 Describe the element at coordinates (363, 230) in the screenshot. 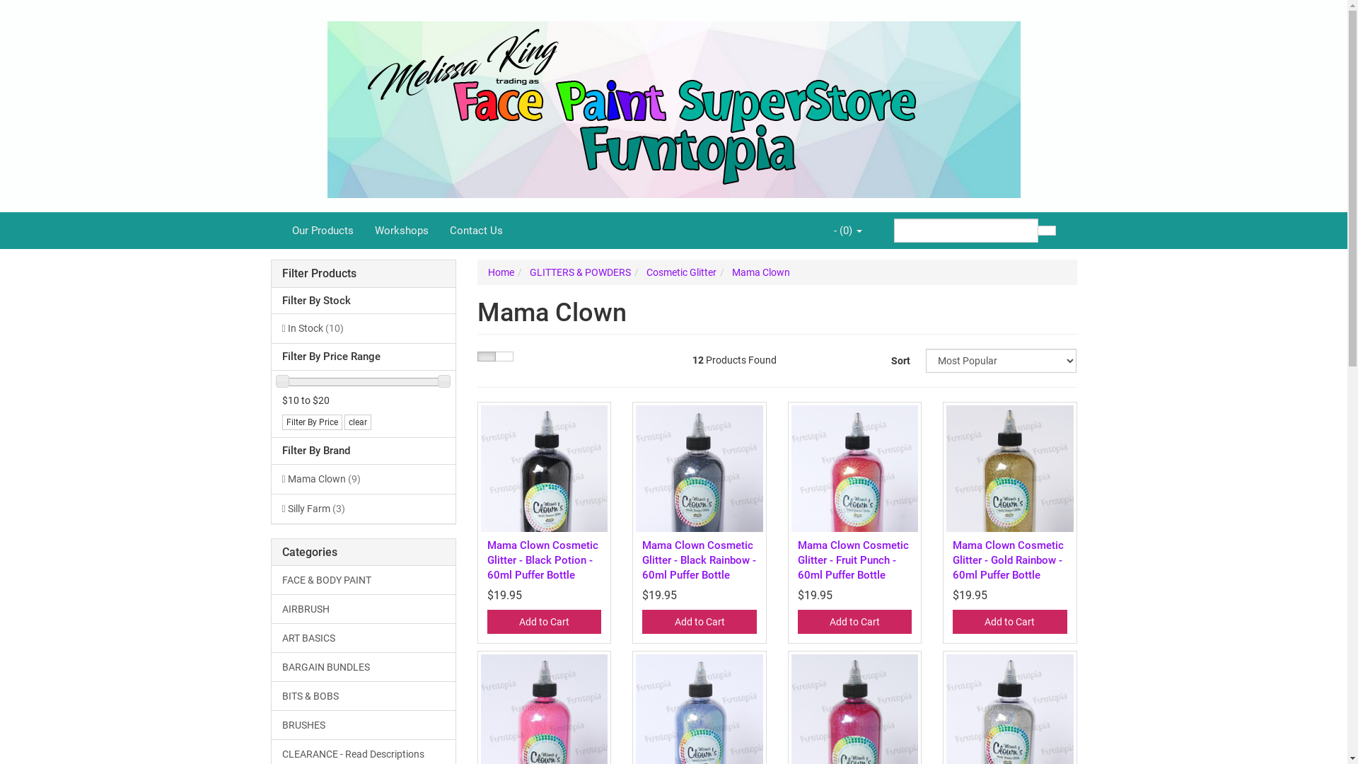

I see `'Workshops'` at that location.